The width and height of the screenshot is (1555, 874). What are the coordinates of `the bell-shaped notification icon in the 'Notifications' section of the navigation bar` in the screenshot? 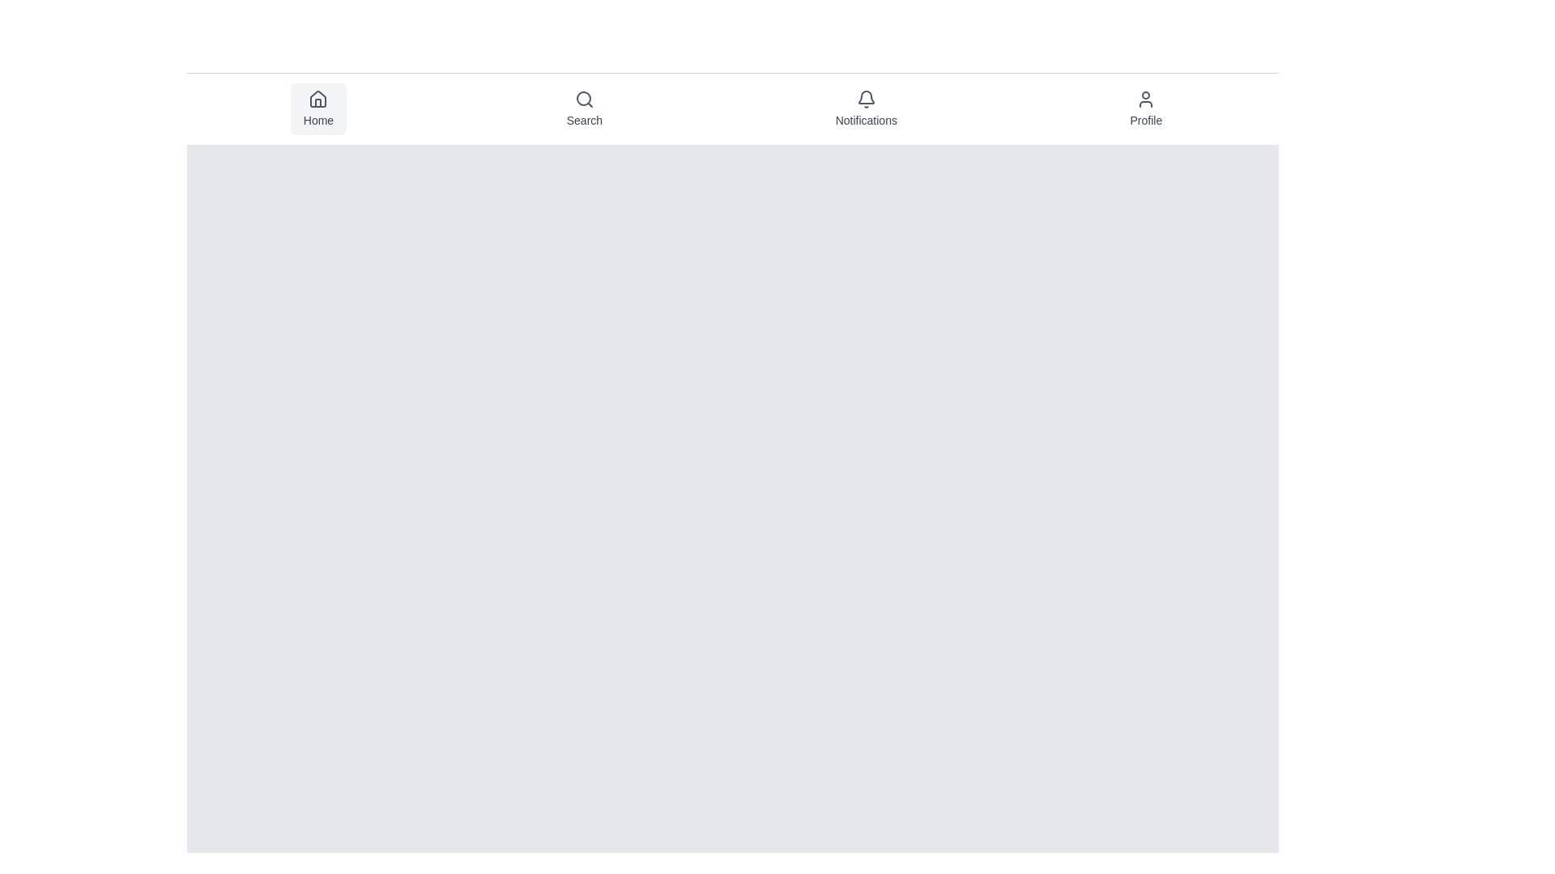 It's located at (865, 100).